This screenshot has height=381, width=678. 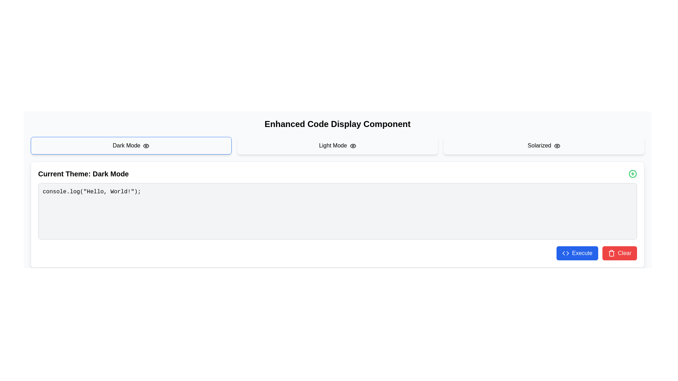 What do you see at coordinates (619, 253) in the screenshot?
I see `the red rectangular button labeled 'Clear' with a trash icon` at bounding box center [619, 253].